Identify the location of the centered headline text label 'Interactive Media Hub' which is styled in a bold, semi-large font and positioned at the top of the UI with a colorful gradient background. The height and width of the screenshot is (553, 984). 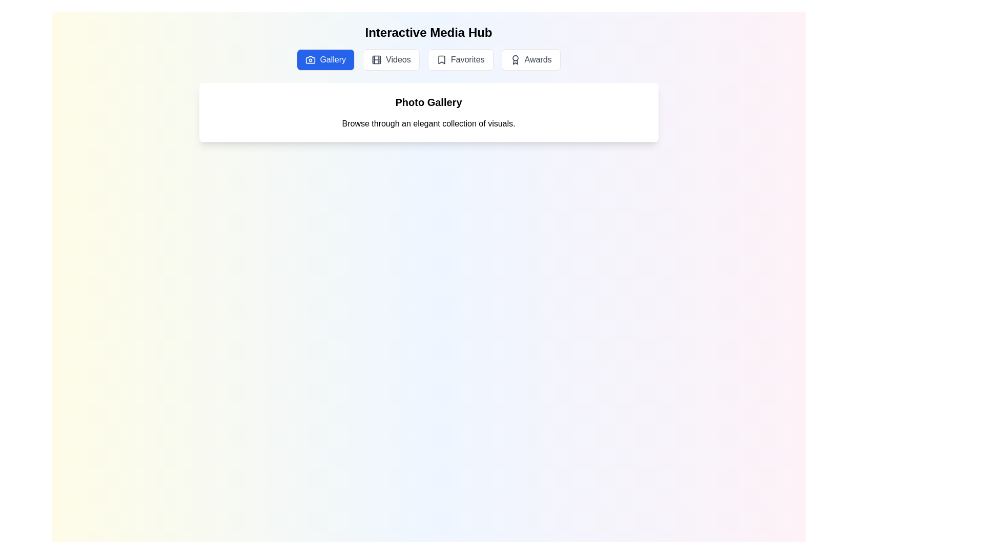
(428, 32).